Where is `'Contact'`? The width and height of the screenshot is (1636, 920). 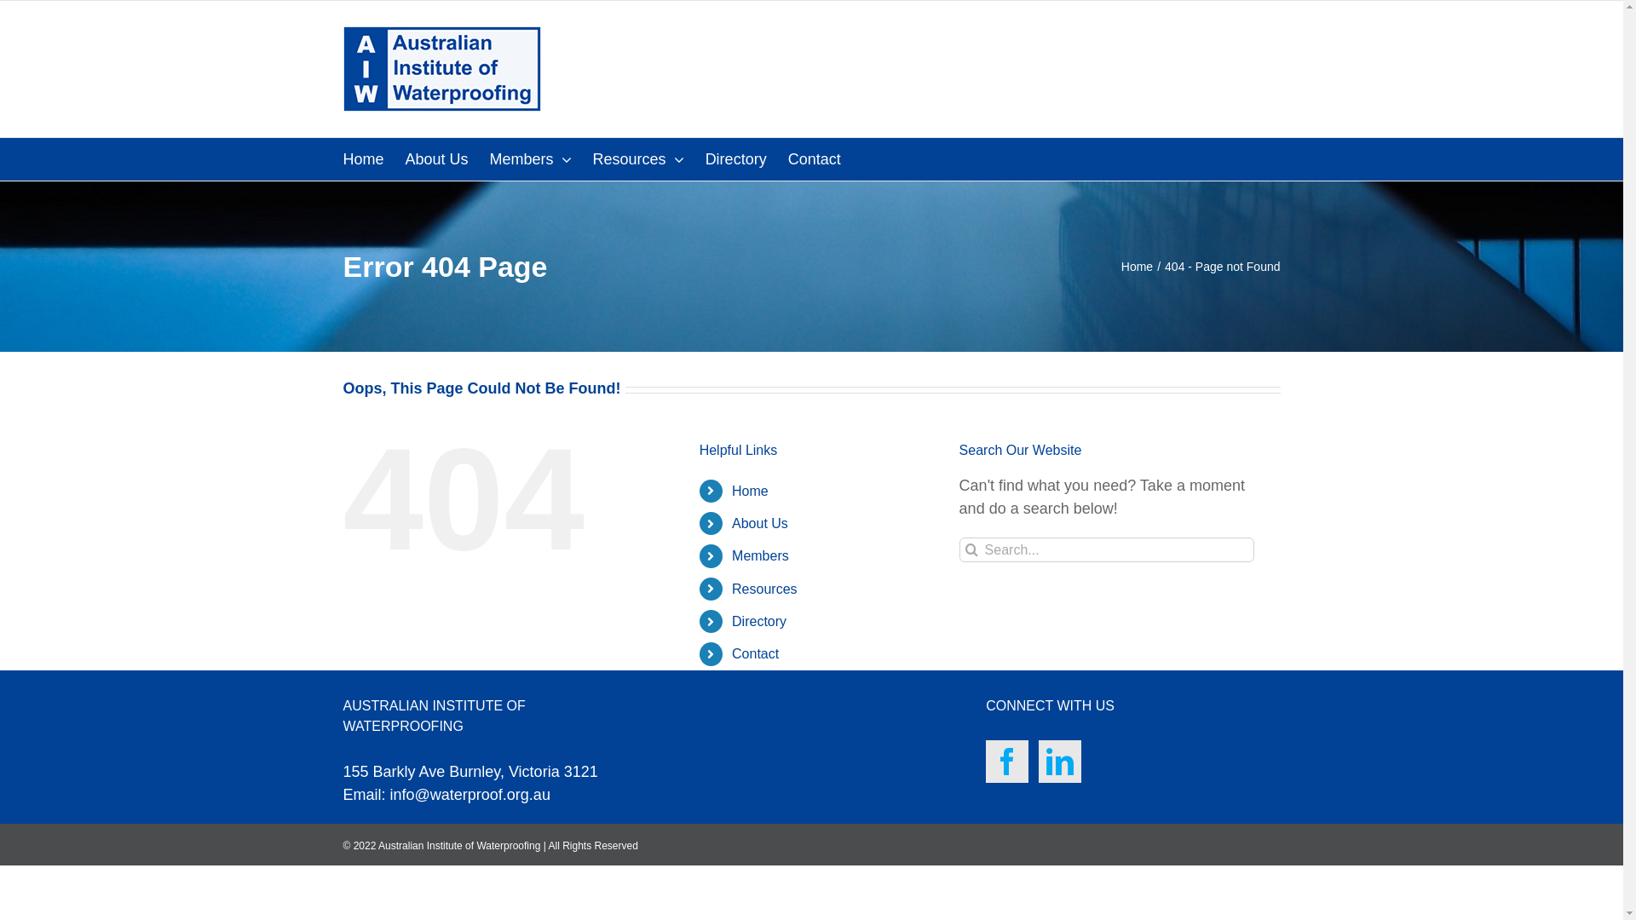
'Contact' is located at coordinates (787, 158).